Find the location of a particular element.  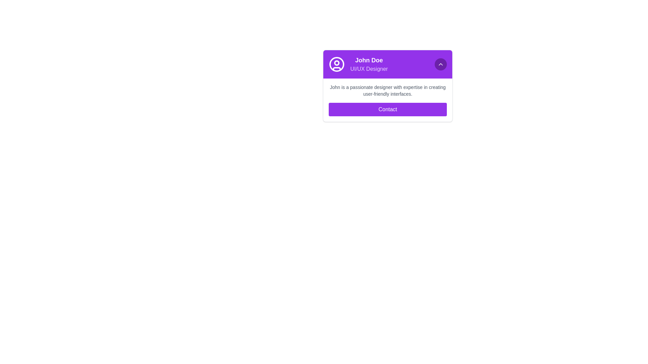

the Text Label that displays the individual's name in the card header, located above the text 'UI/UX Designer' is located at coordinates (369, 60).